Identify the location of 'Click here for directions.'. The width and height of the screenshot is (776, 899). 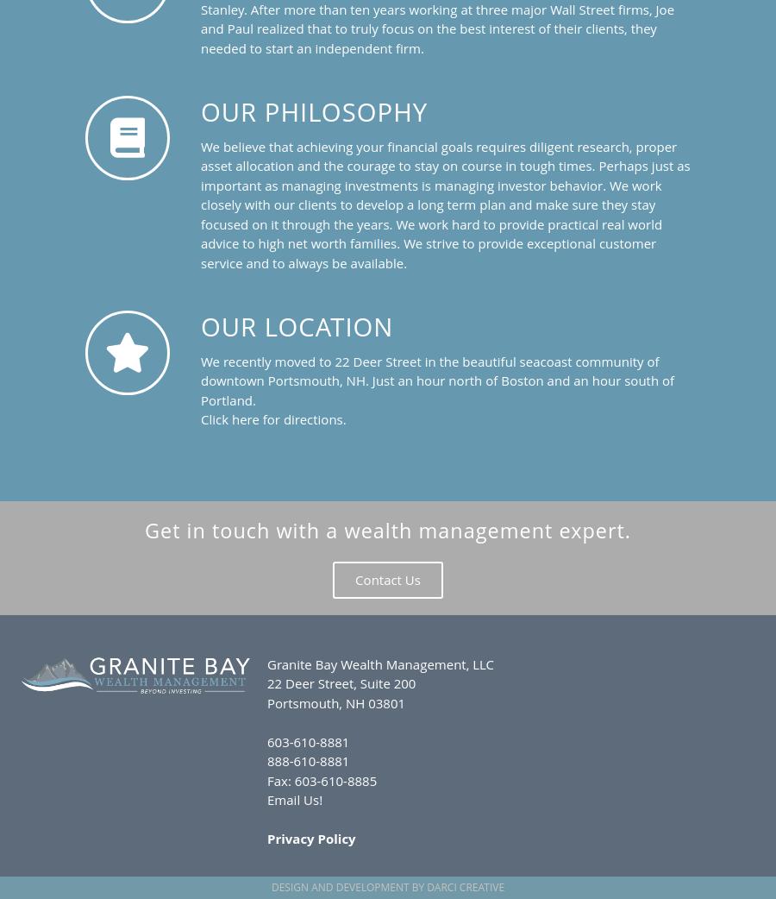
(272, 418).